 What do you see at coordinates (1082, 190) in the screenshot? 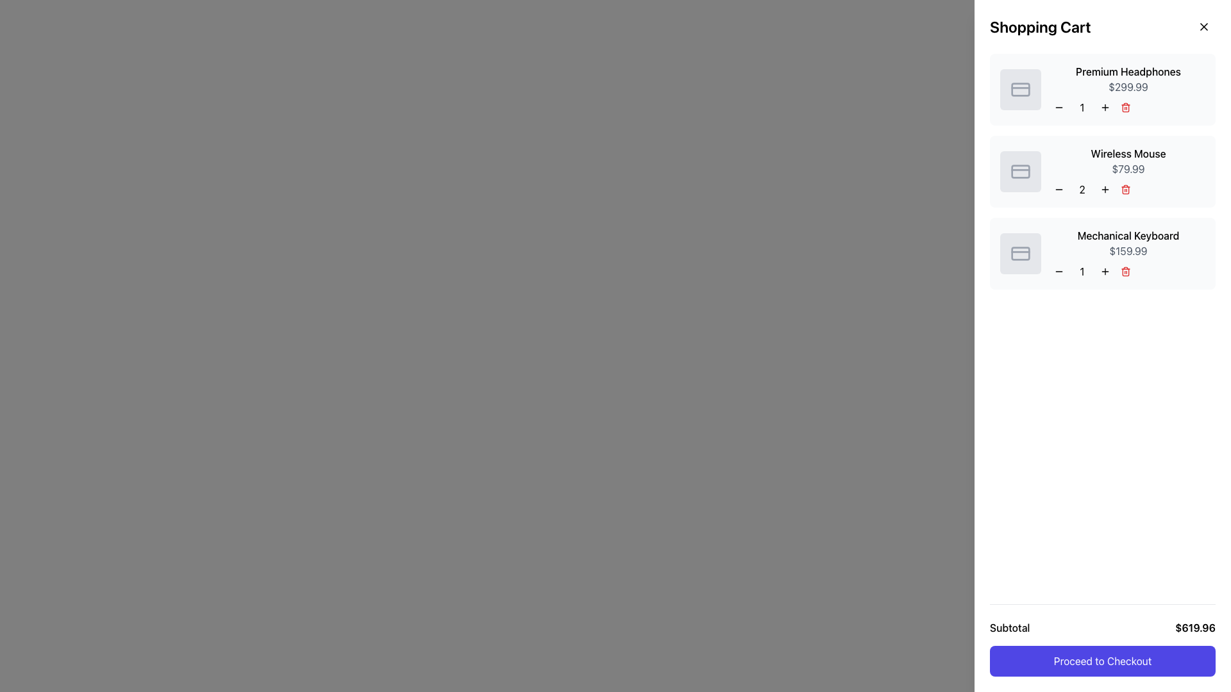
I see `the Text label displaying the current quantity of the 'Wireless Mouse' item in the shopping cart, located in the second row of the list, between the minus and plus buttons` at bounding box center [1082, 190].